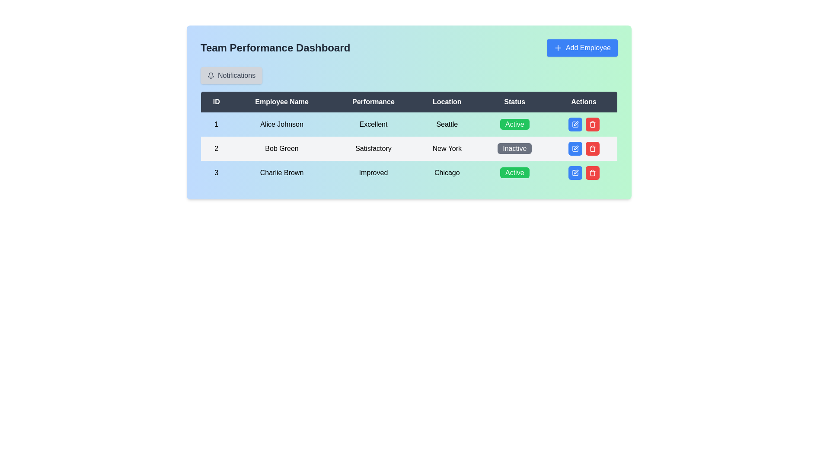 This screenshot has height=467, width=830. I want to click on text content of the 'New York' element, which is displayed in bold style and centrally aligned within its column in the second row of the table under the 'Location' header, so click(447, 148).